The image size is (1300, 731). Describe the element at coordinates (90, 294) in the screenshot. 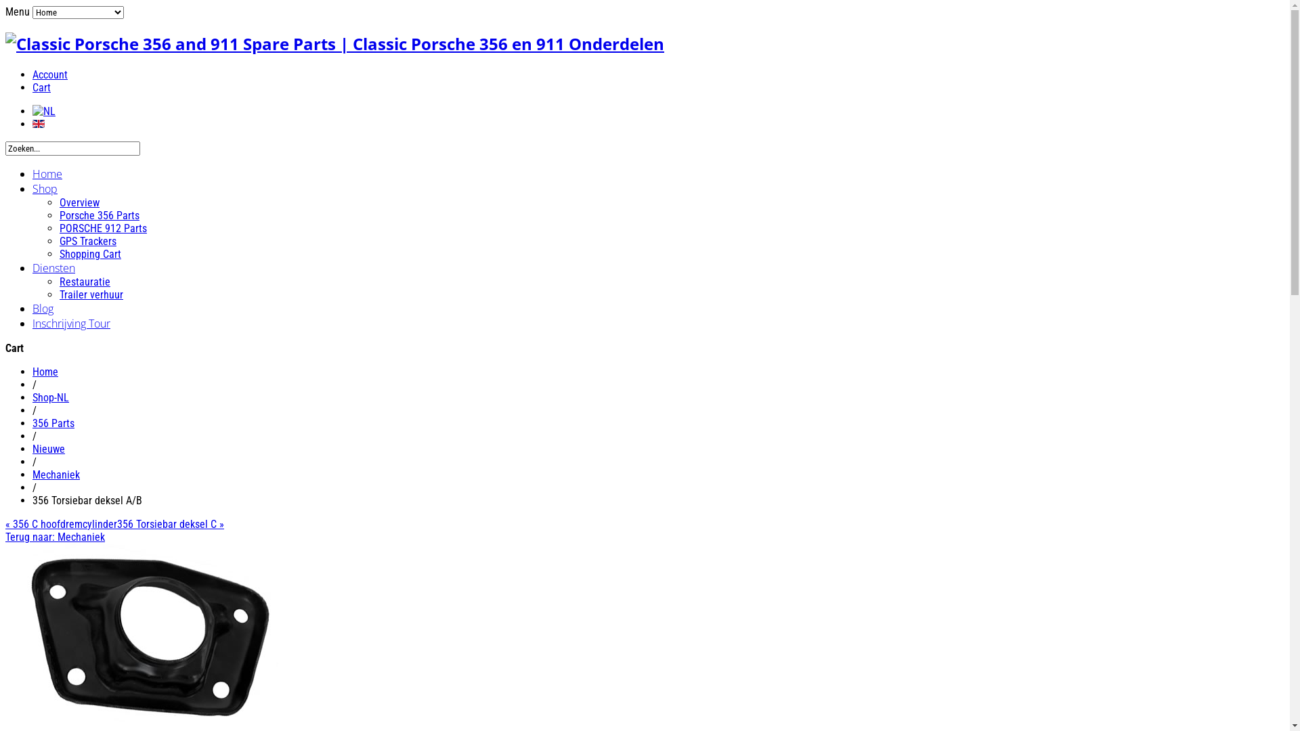

I see `'Trailer verhuur'` at that location.